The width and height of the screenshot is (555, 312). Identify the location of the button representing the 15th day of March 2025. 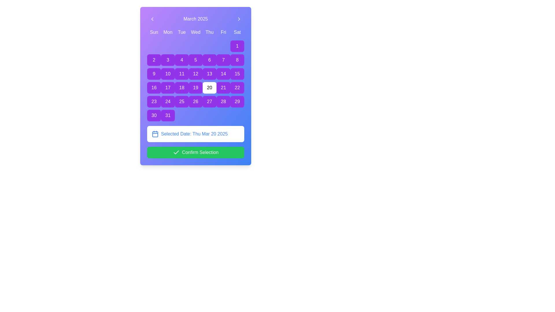
(237, 73).